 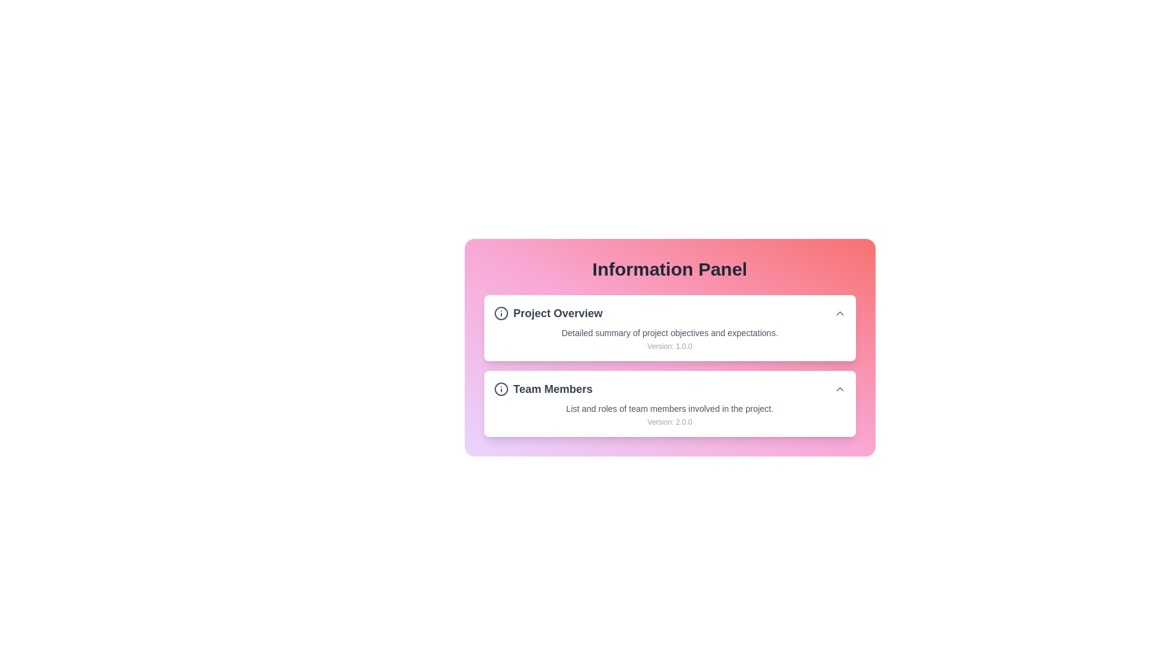 What do you see at coordinates (552, 389) in the screenshot?
I see `the bold text label displaying 'Team Members' which is part of a horizontally aligned group next to an info icon` at bounding box center [552, 389].